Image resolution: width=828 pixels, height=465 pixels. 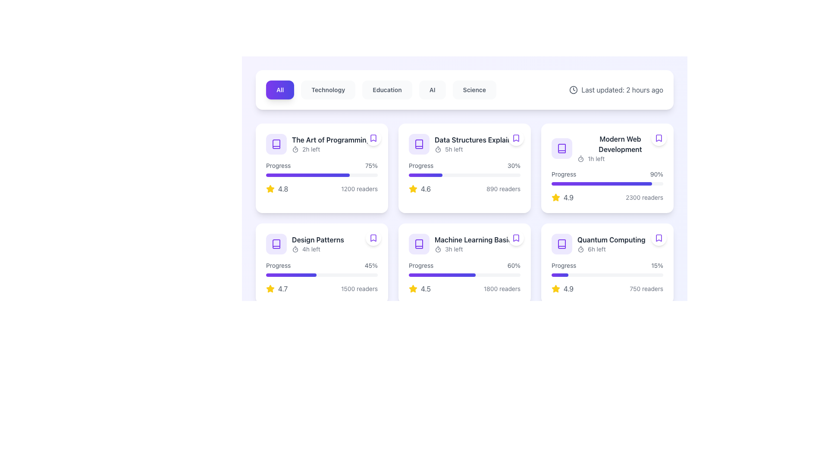 I want to click on the bookmarking icon located in the card titled 'Data Structures Explained', situated in the second column of the first row of the grid layout, so click(x=516, y=137).